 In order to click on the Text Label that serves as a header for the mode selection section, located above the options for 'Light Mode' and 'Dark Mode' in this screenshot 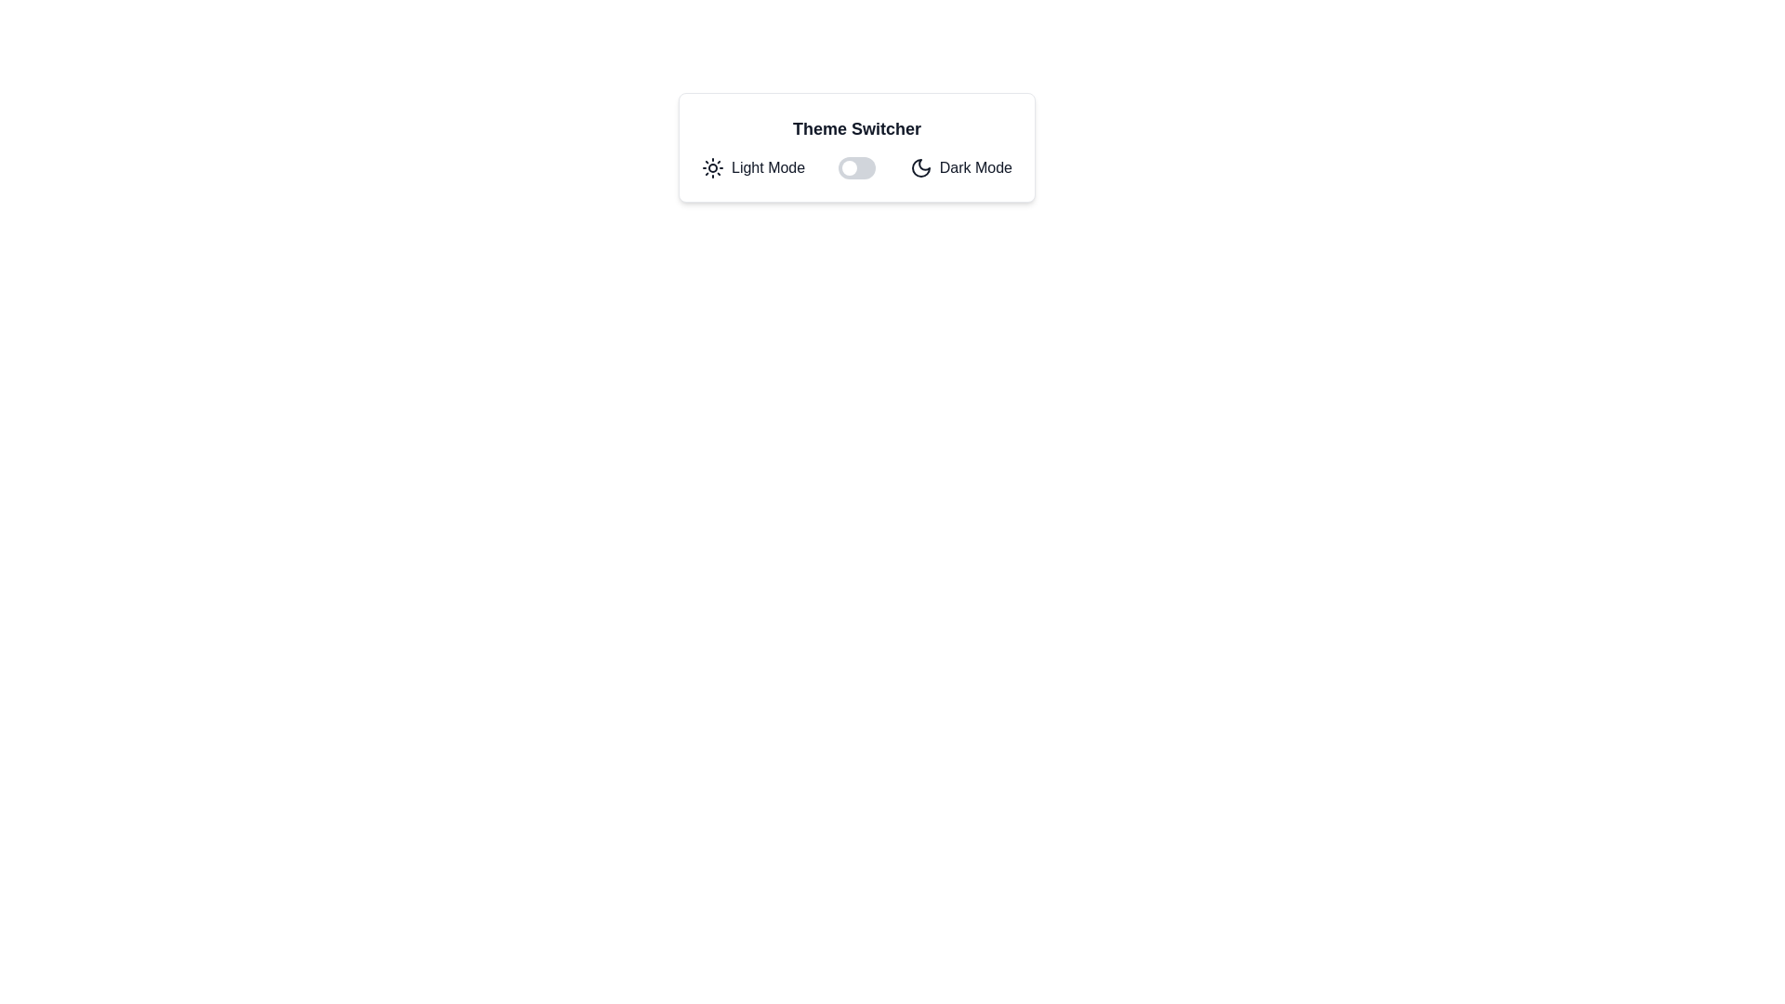, I will do `click(855, 127)`.